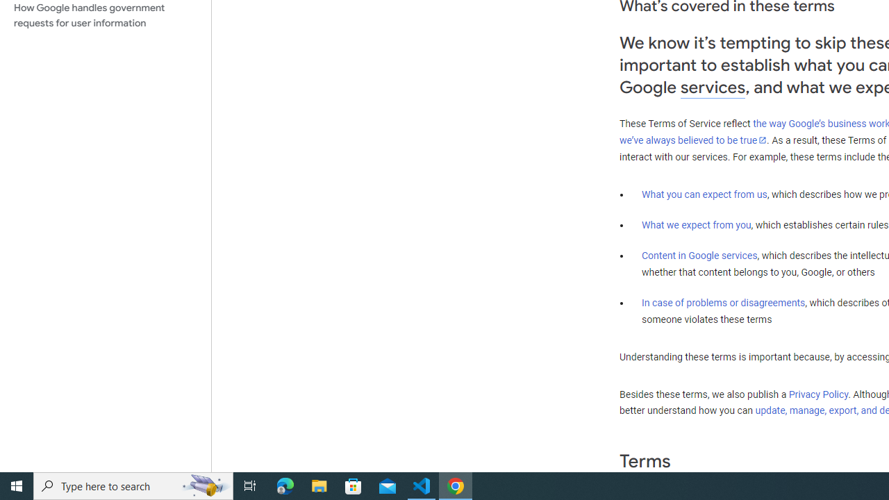  I want to click on 'In case of problems or disagreements', so click(722, 301).